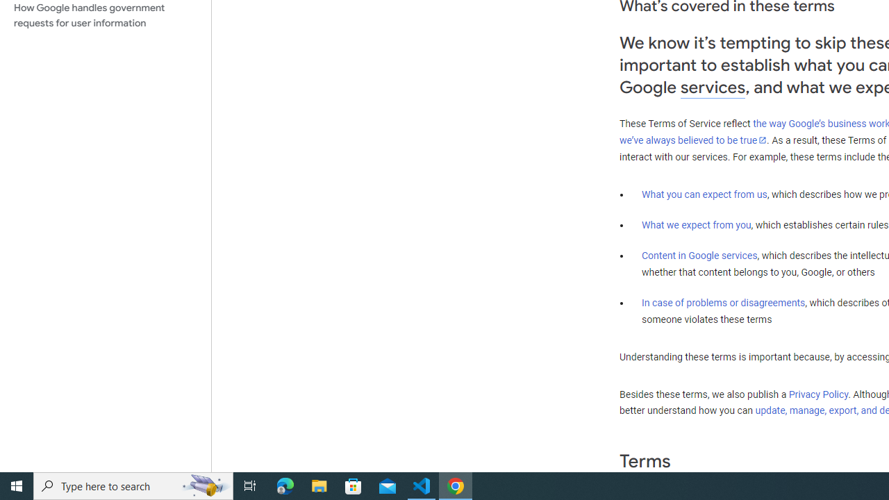  I want to click on 'In case of problems or disagreements', so click(722, 301).